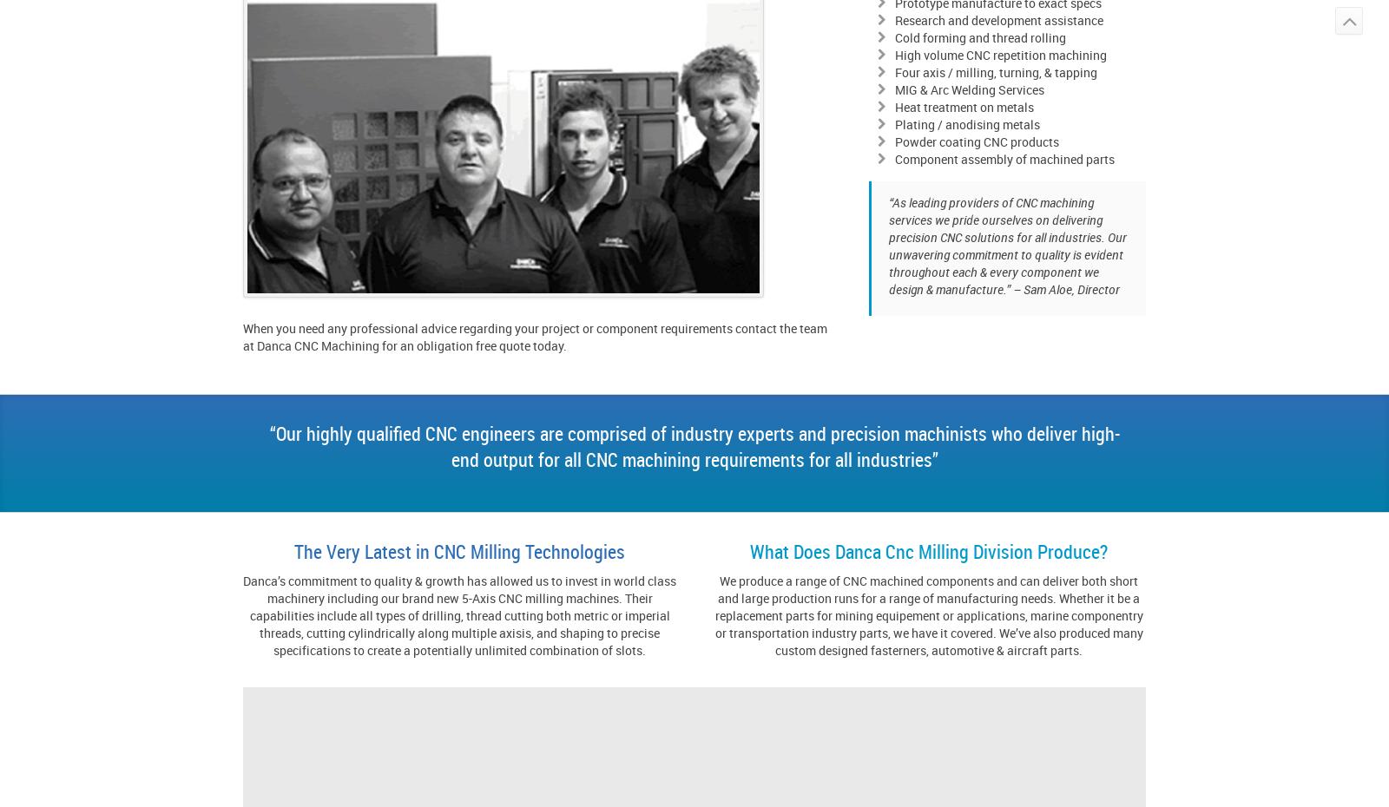  I want to click on '“As leading providers of CNC machining services we pride ourselves on delivering precision CNC solutions for all industries. Our unwavering commitment to quality is evident throughout each & every component we design & manufacture.”  – Sam Aloe, Director', so click(1007, 246).